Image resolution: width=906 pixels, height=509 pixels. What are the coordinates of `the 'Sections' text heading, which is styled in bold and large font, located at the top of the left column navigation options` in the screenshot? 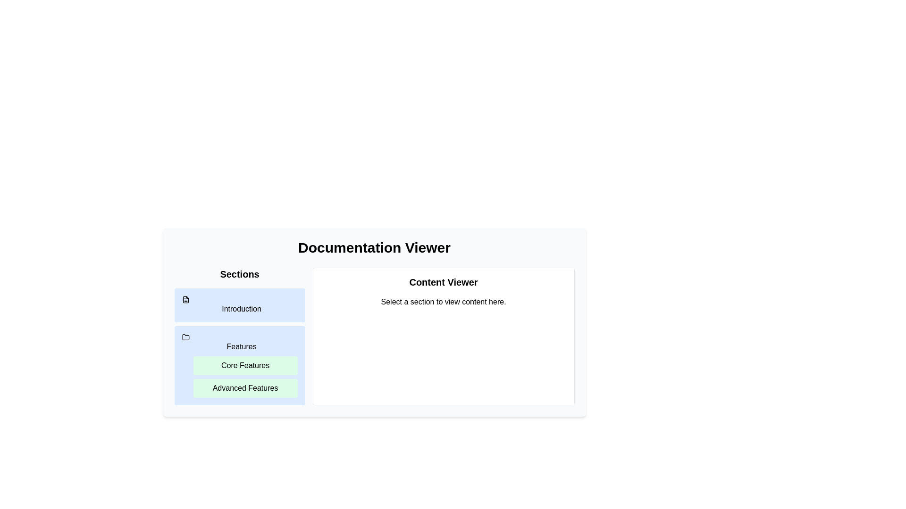 It's located at (240, 274).